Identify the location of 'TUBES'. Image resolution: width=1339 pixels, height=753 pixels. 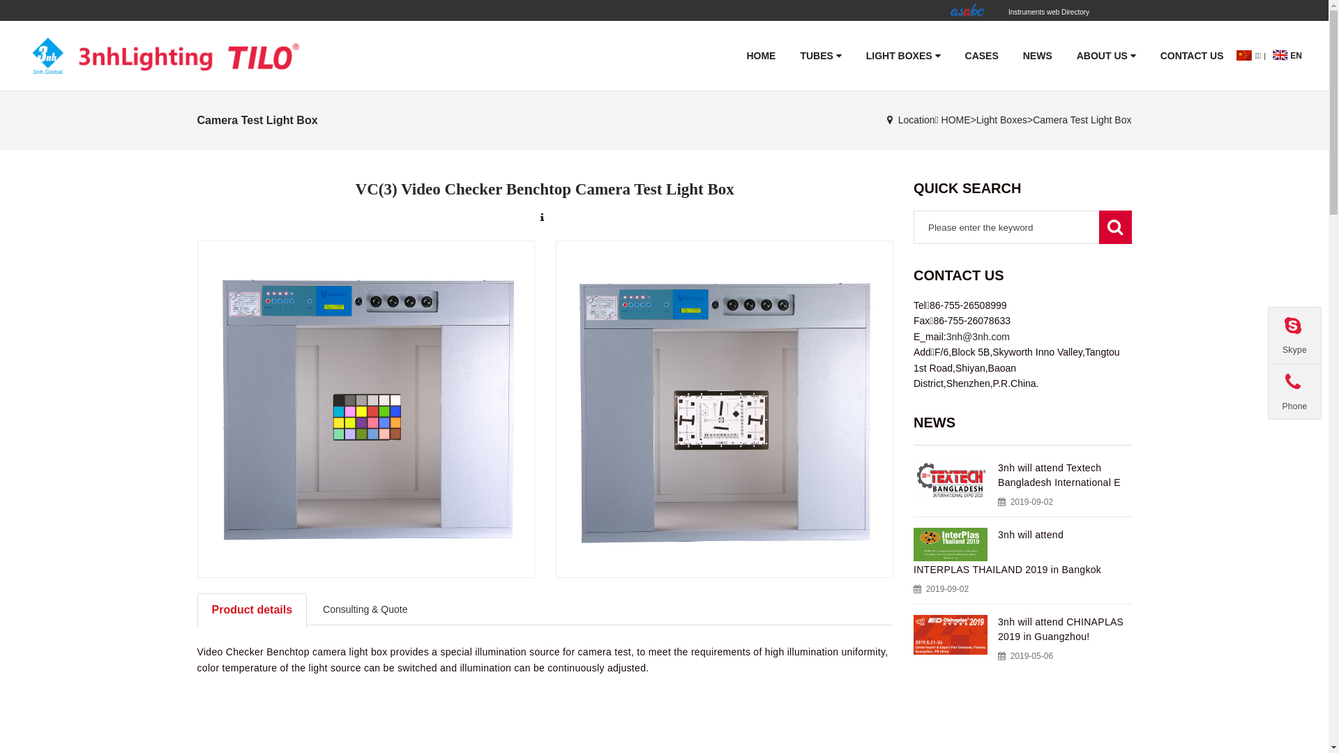
(820, 55).